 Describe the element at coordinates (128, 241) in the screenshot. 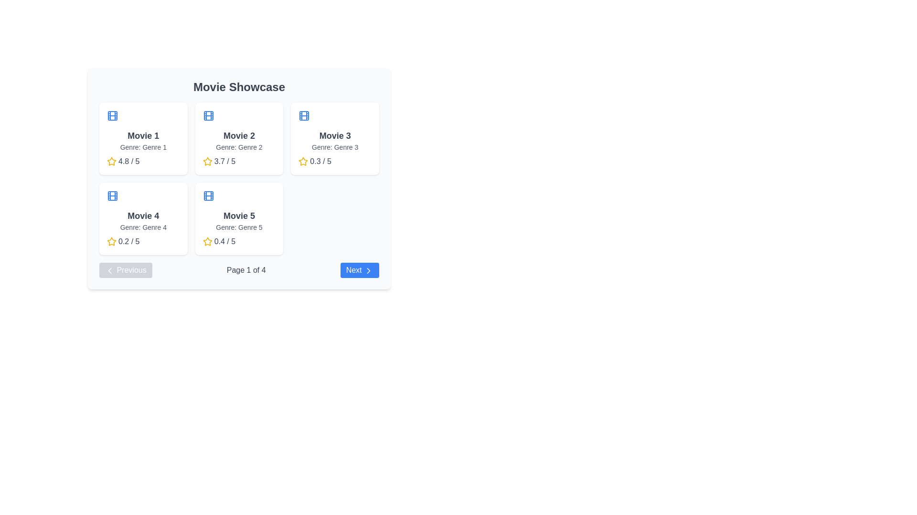

I see `the static text label displaying the rating '0.2 / 5', which is located below the 'Movie 4' title and to the right of a star icon` at that location.